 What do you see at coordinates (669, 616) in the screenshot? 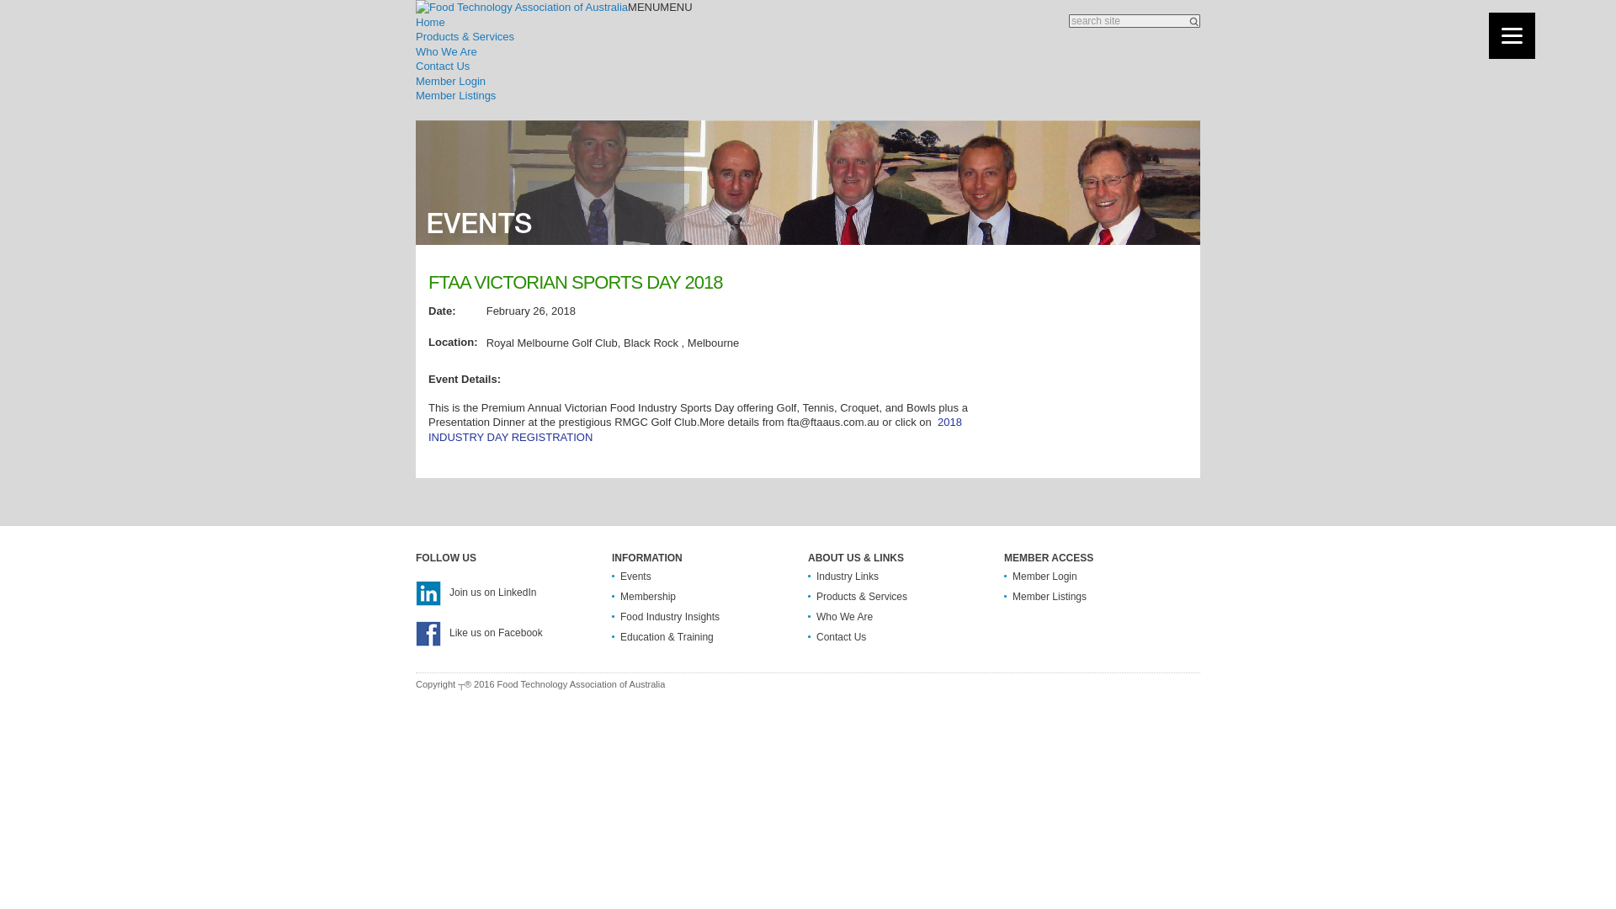
I see `'Food Industry Insights'` at bounding box center [669, 616].